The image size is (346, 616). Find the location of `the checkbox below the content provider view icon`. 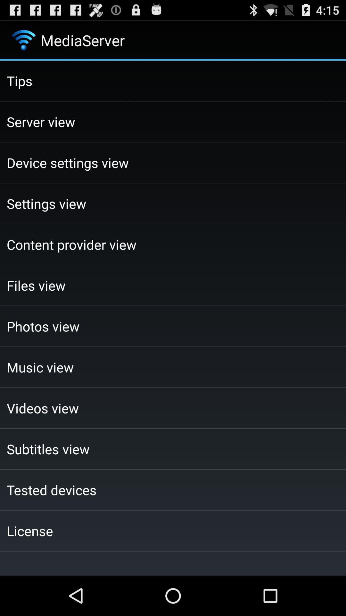

the checkbox below the content provider view icon is located at coordinates (173, 285).